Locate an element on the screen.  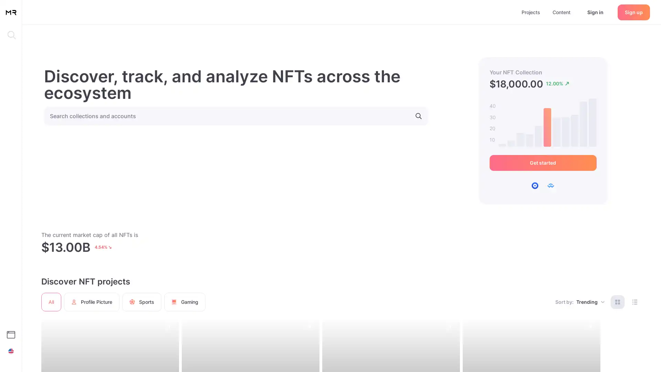
Sign in is located at coordinates (595, 12).